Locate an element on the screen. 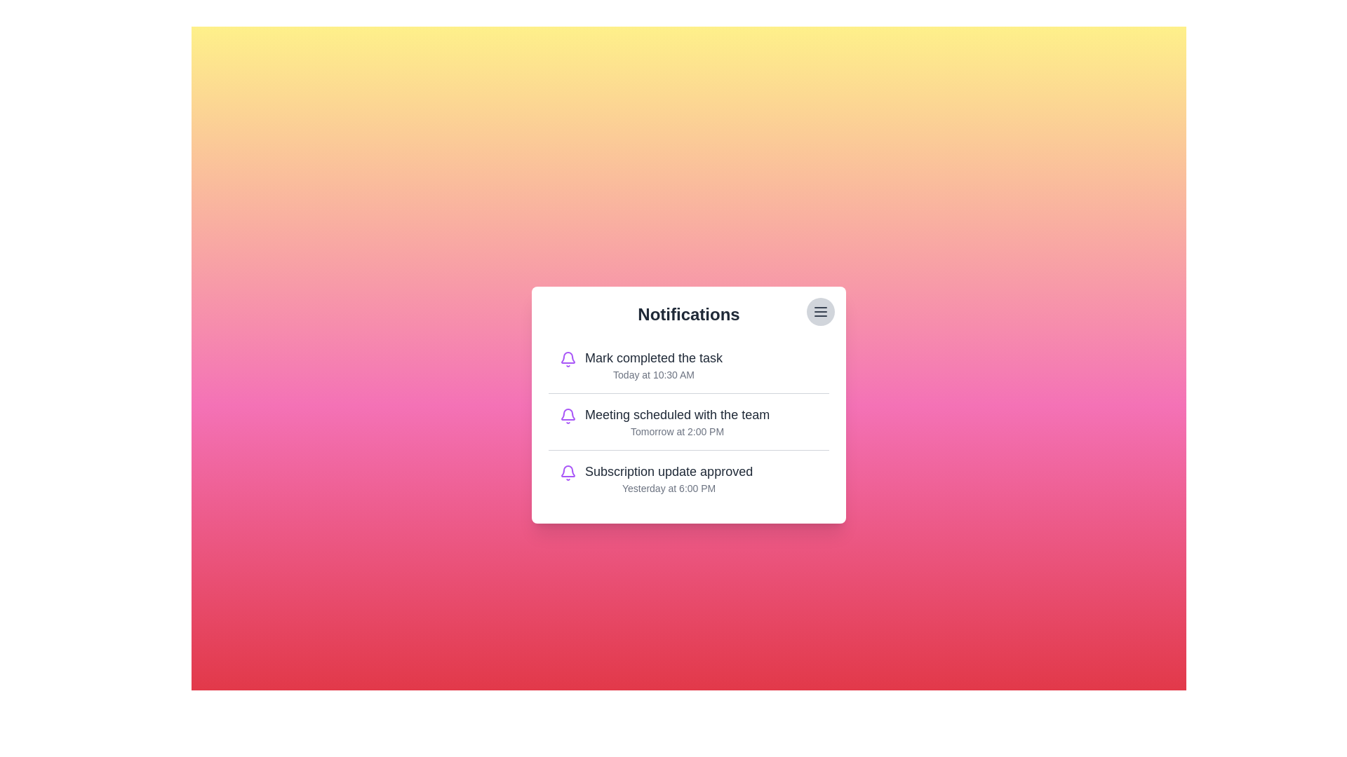 The width and height of the screenshot is (1347, 757). the notification to view its details is located at coordinates (689, 405).